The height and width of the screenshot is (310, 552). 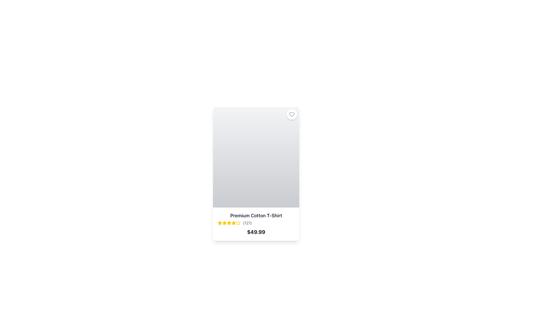 I want to click on the rating context by interacting with the sixth outlined yellow star icon in the horizontal group of stars below the product image on the T-shirt product card, so click(x=238, y=222).